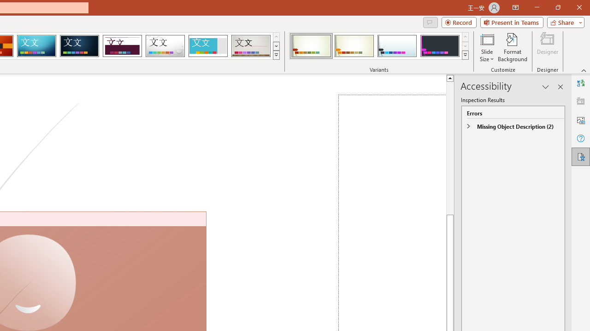 Image resolution: width=590 pixels, height=331 pixels. I want to click on 'Circuit', so click(36, 46).